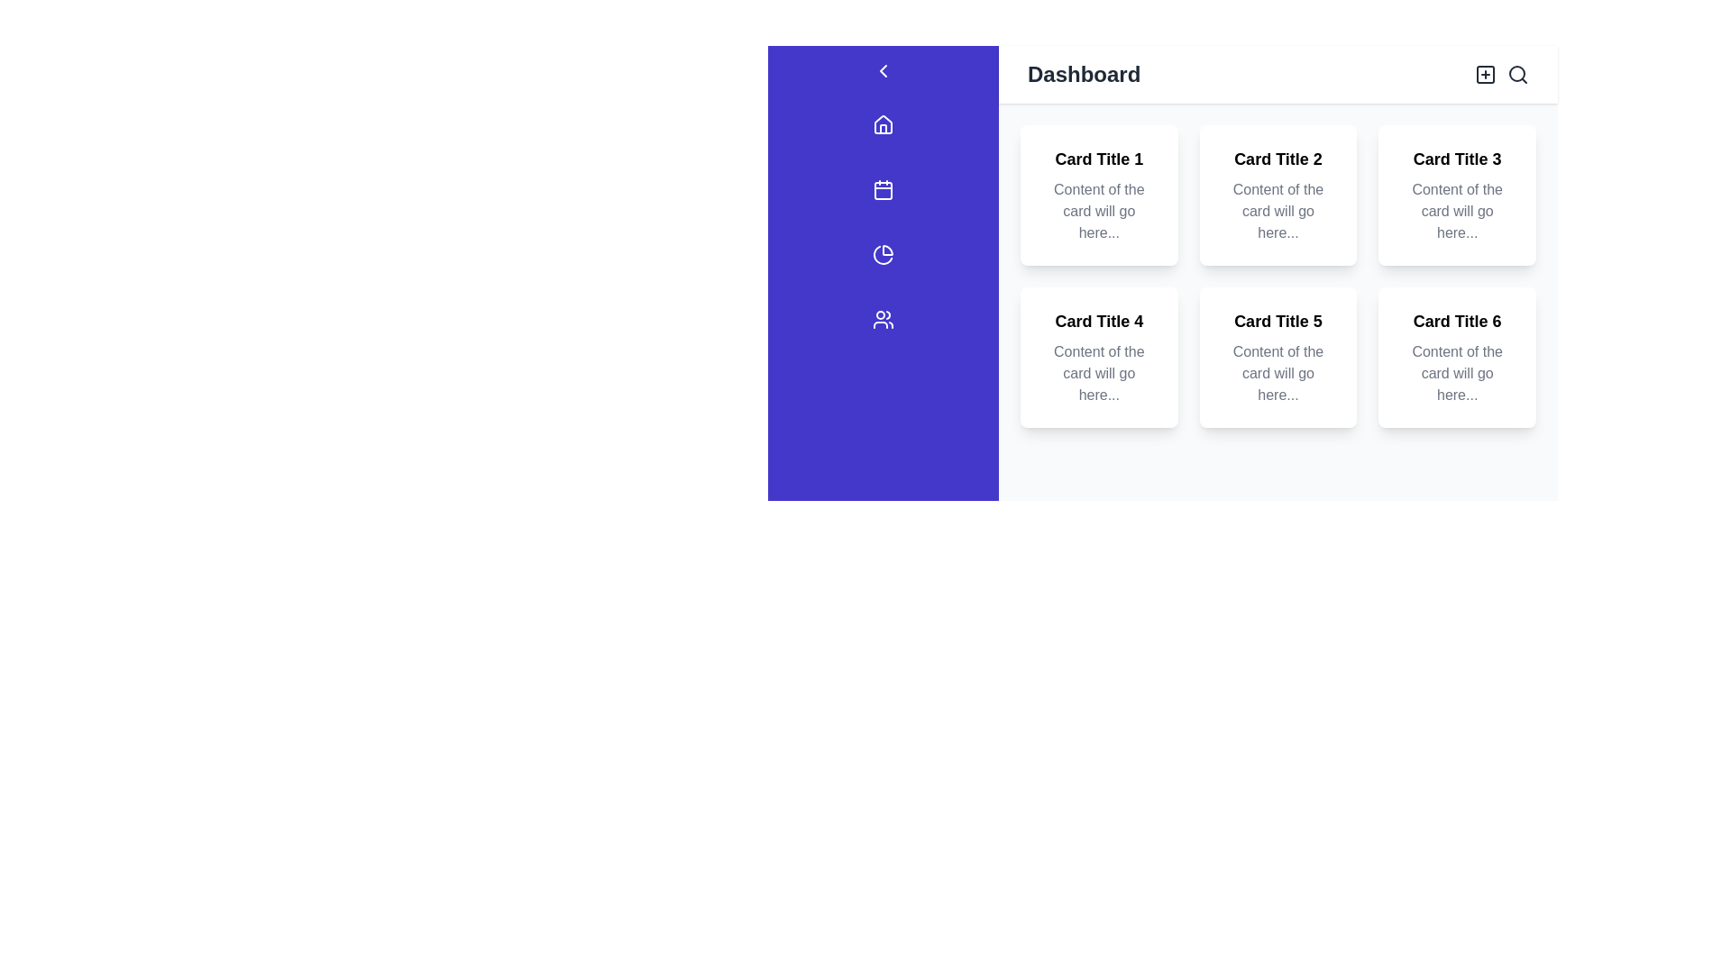 Image resolution: width=1731 pixels, height=973 pixels. What do you see at coordinates (1098, 373) in the screenshot?
I see `descriptive text block located within the fourth card, positioned below the 'Card Title 4' heading` at bounding box center [1098, 373].